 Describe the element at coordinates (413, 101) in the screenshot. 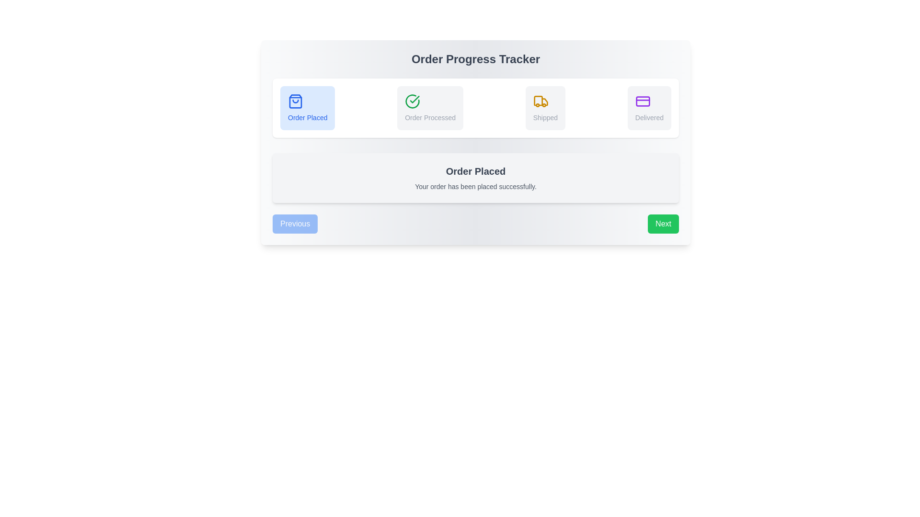

I see `the 'Order Processed' status icon located above the 'Order Processed' text label, positioned second from the left in the process tracking layout` at that location.